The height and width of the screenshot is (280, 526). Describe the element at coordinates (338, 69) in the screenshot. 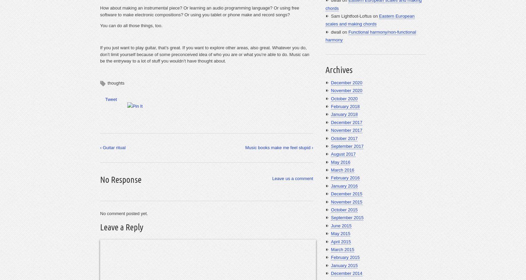

I see `'Archives'` at that location.